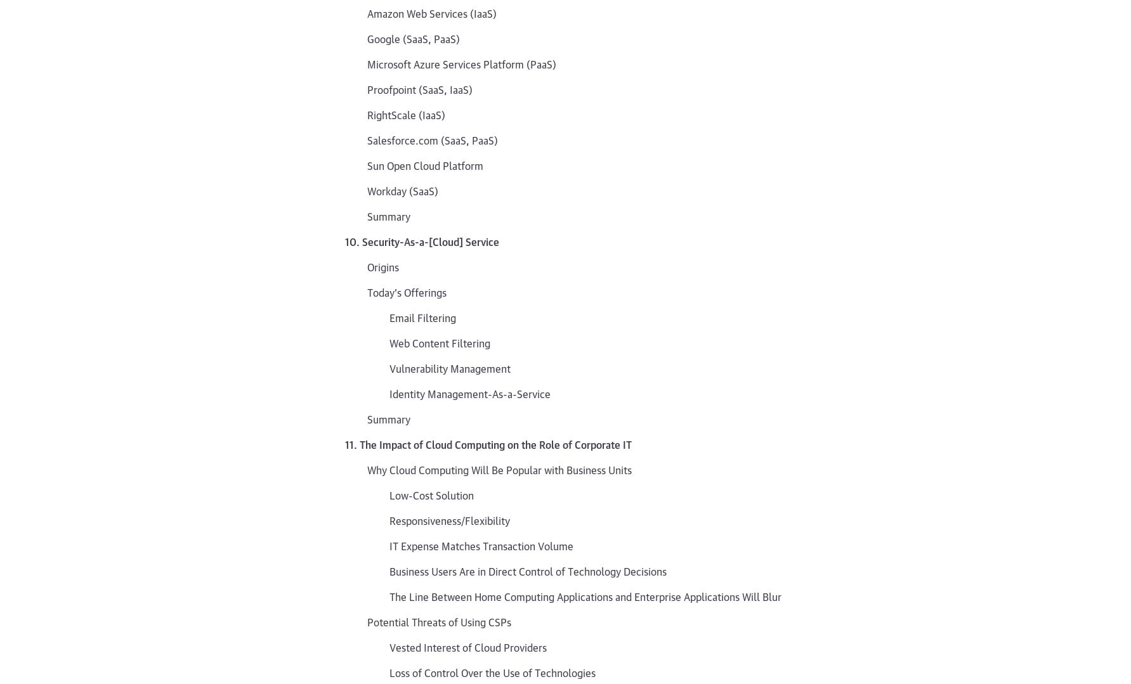  What do you see at coordinates (389, 671) in the screenshot?
I see `'Loss of Control Over the Use of Technologies'` at bounding box center [389, 671].